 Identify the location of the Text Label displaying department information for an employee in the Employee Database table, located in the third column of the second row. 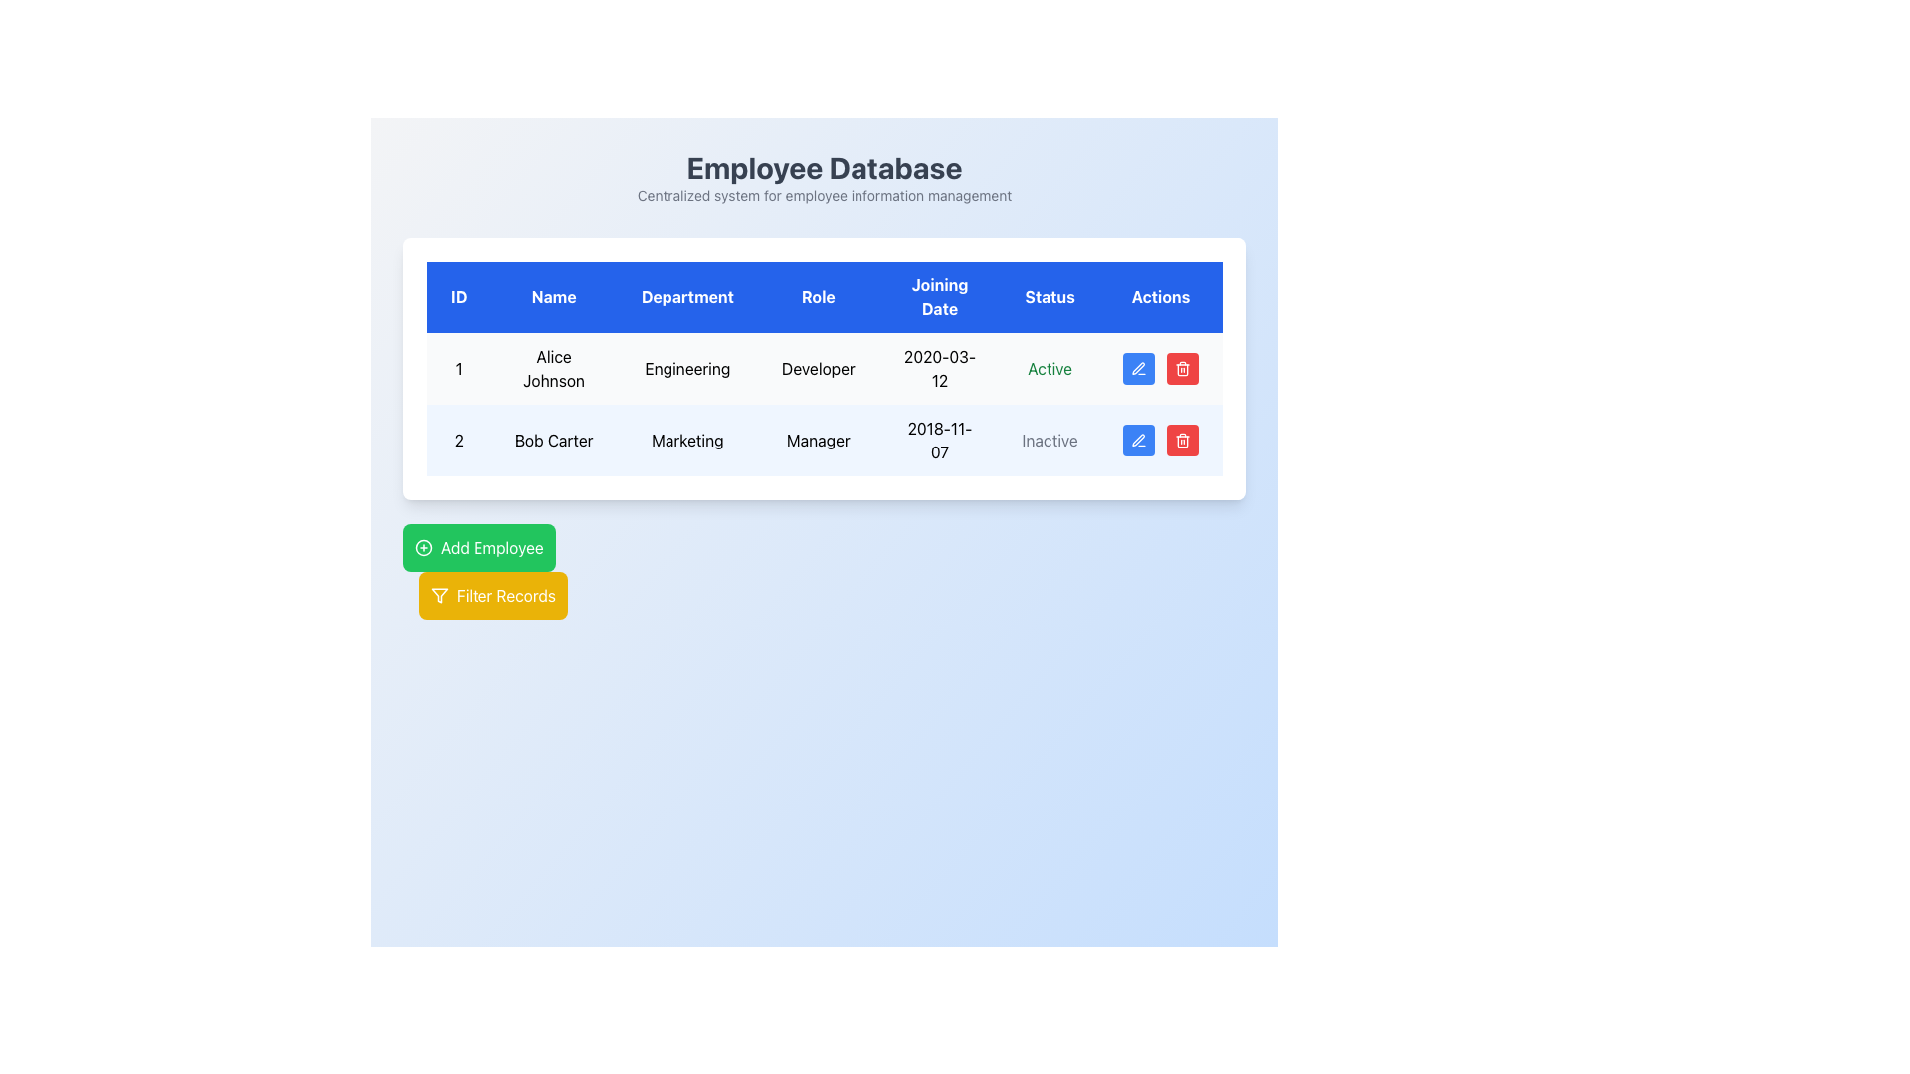
(687, 440).